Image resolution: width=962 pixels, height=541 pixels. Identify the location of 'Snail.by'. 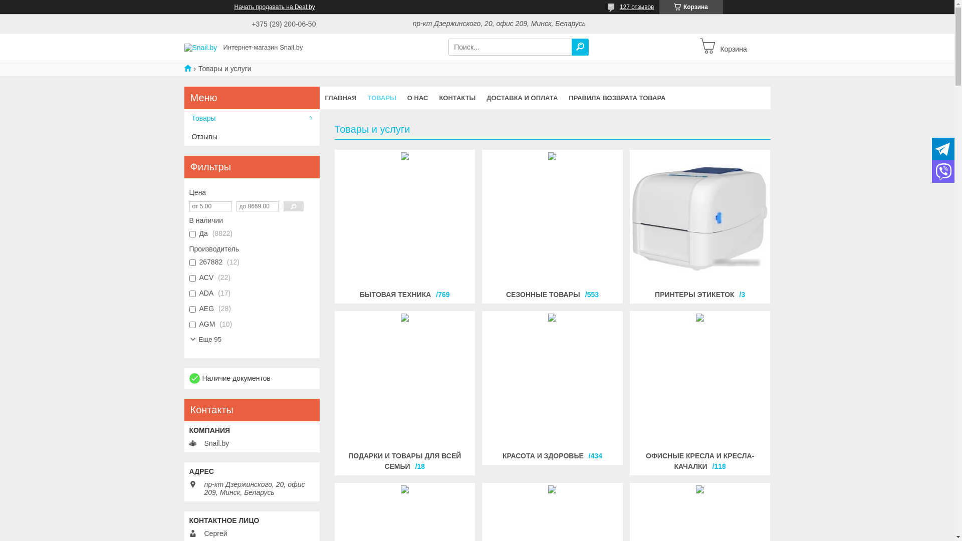
(191, 68).